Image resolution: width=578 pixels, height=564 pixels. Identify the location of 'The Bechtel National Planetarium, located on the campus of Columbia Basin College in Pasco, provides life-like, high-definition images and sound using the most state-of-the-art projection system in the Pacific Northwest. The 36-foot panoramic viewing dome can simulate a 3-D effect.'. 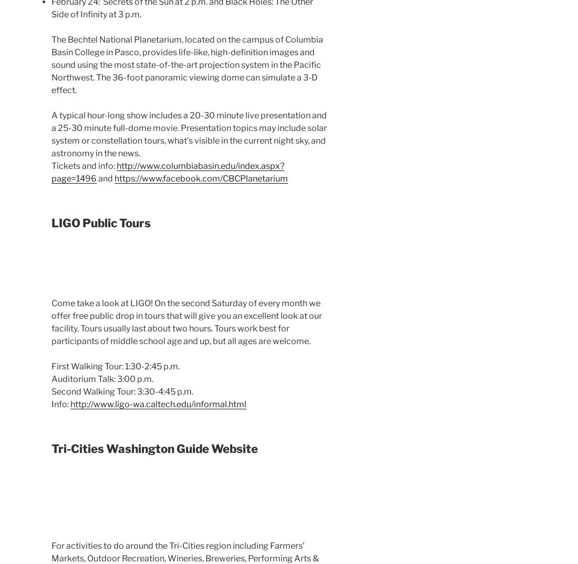
(187, 65).